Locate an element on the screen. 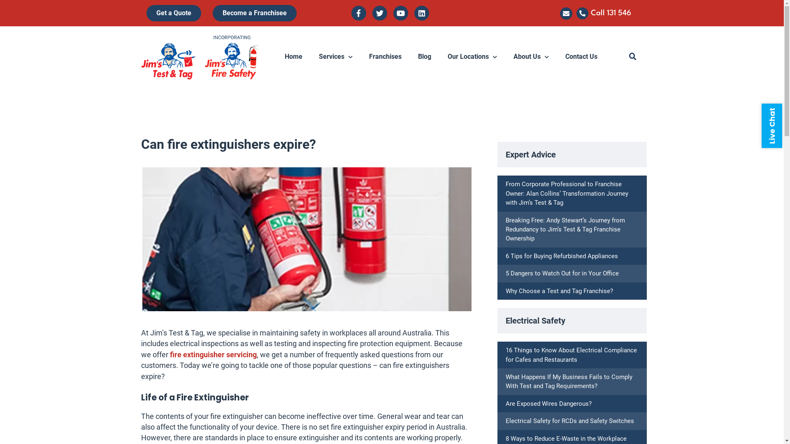 This screenshot has height=444, width=790. 'Franchises' is located at coordinates (385, 56).